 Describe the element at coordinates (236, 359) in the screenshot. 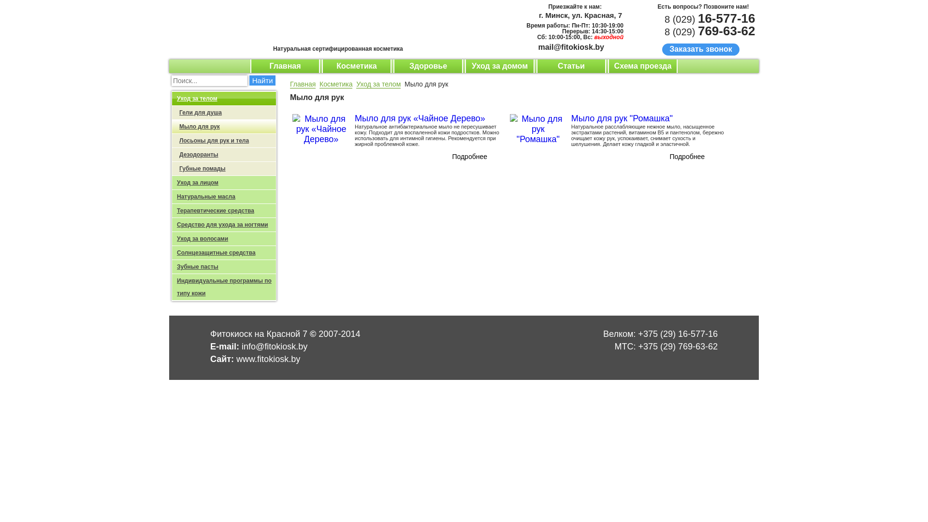

I see `'www.fitokiosk.by'` at that location.